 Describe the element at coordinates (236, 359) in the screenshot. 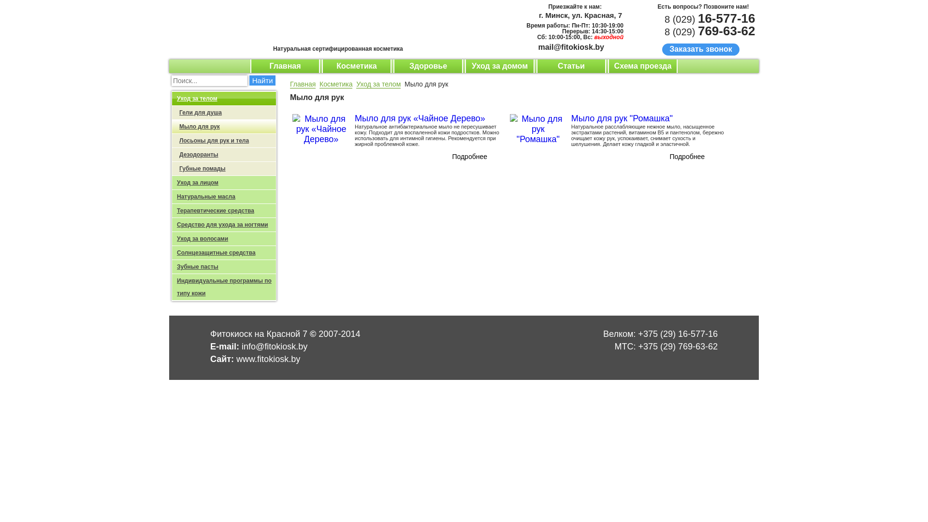

I see `'www.fitokiosk.by'` at that location.